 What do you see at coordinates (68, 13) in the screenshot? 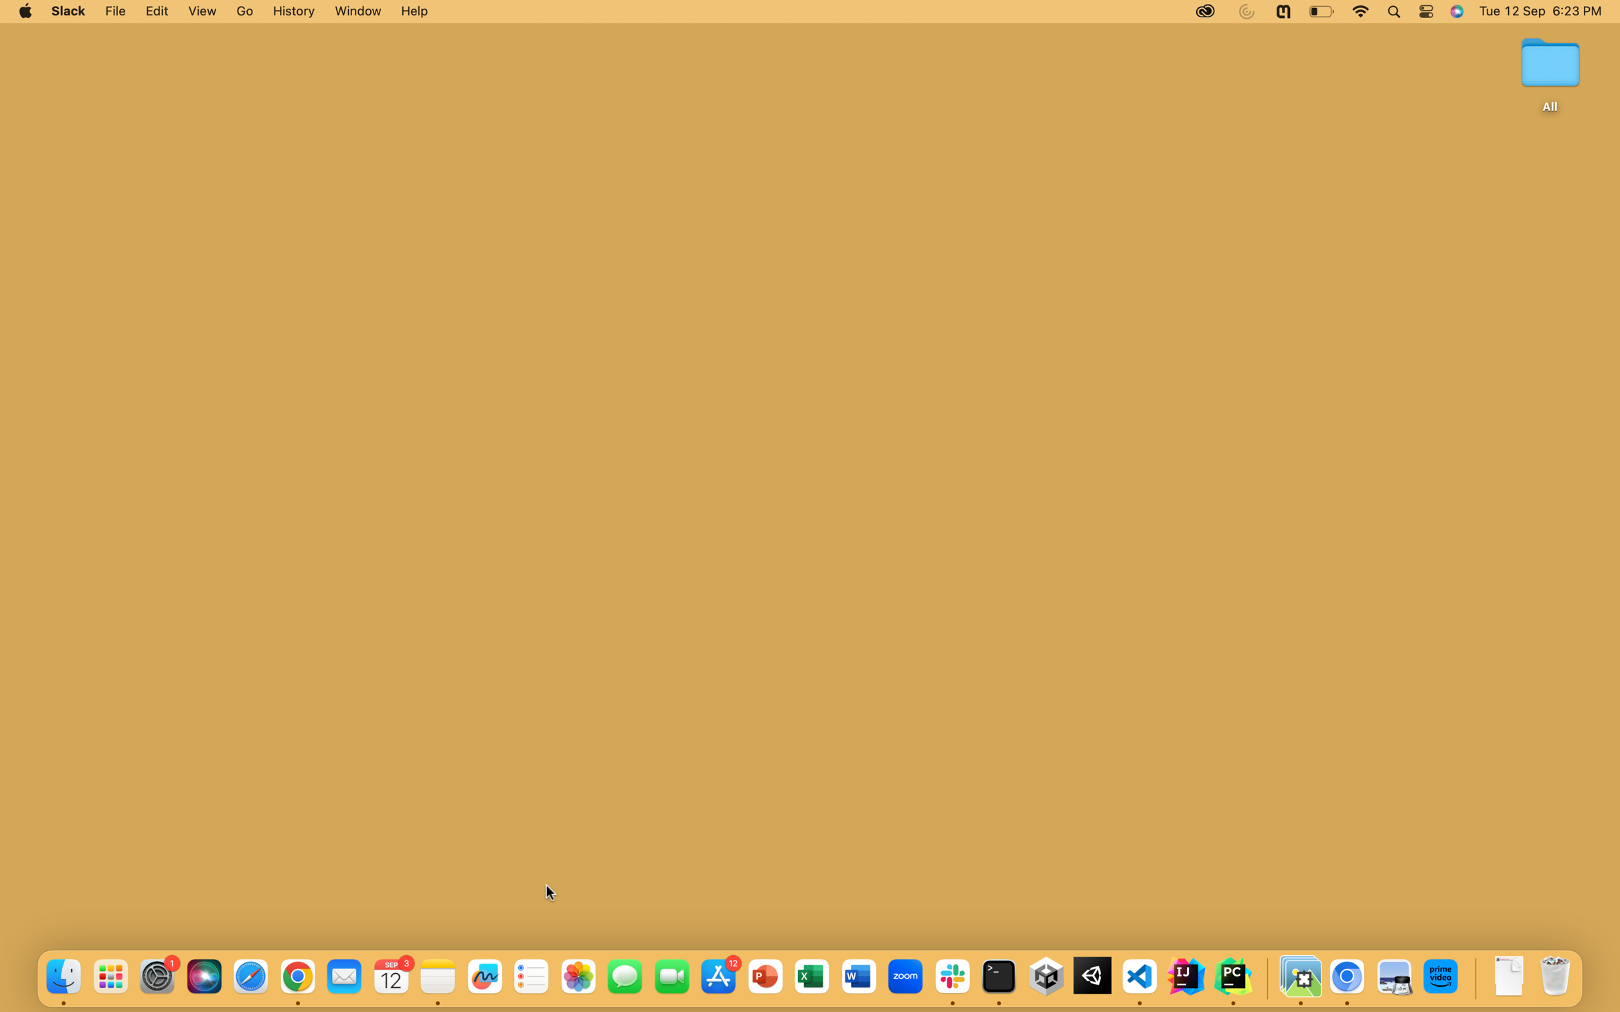
I see `the Slack desktop app` at bounding box center [68, 13].